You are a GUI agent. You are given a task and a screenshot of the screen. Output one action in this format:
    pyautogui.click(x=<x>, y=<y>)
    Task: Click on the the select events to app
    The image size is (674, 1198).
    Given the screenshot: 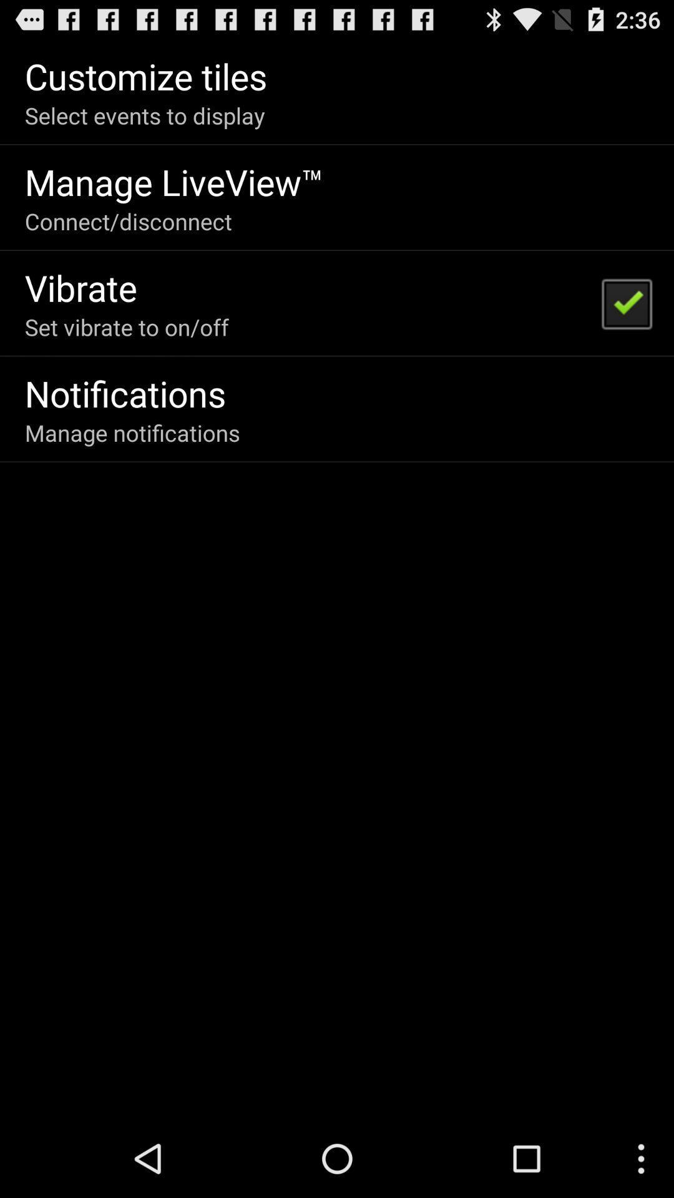 What is the action you would take?
    pyautogui.click(x=144, y=115)
    